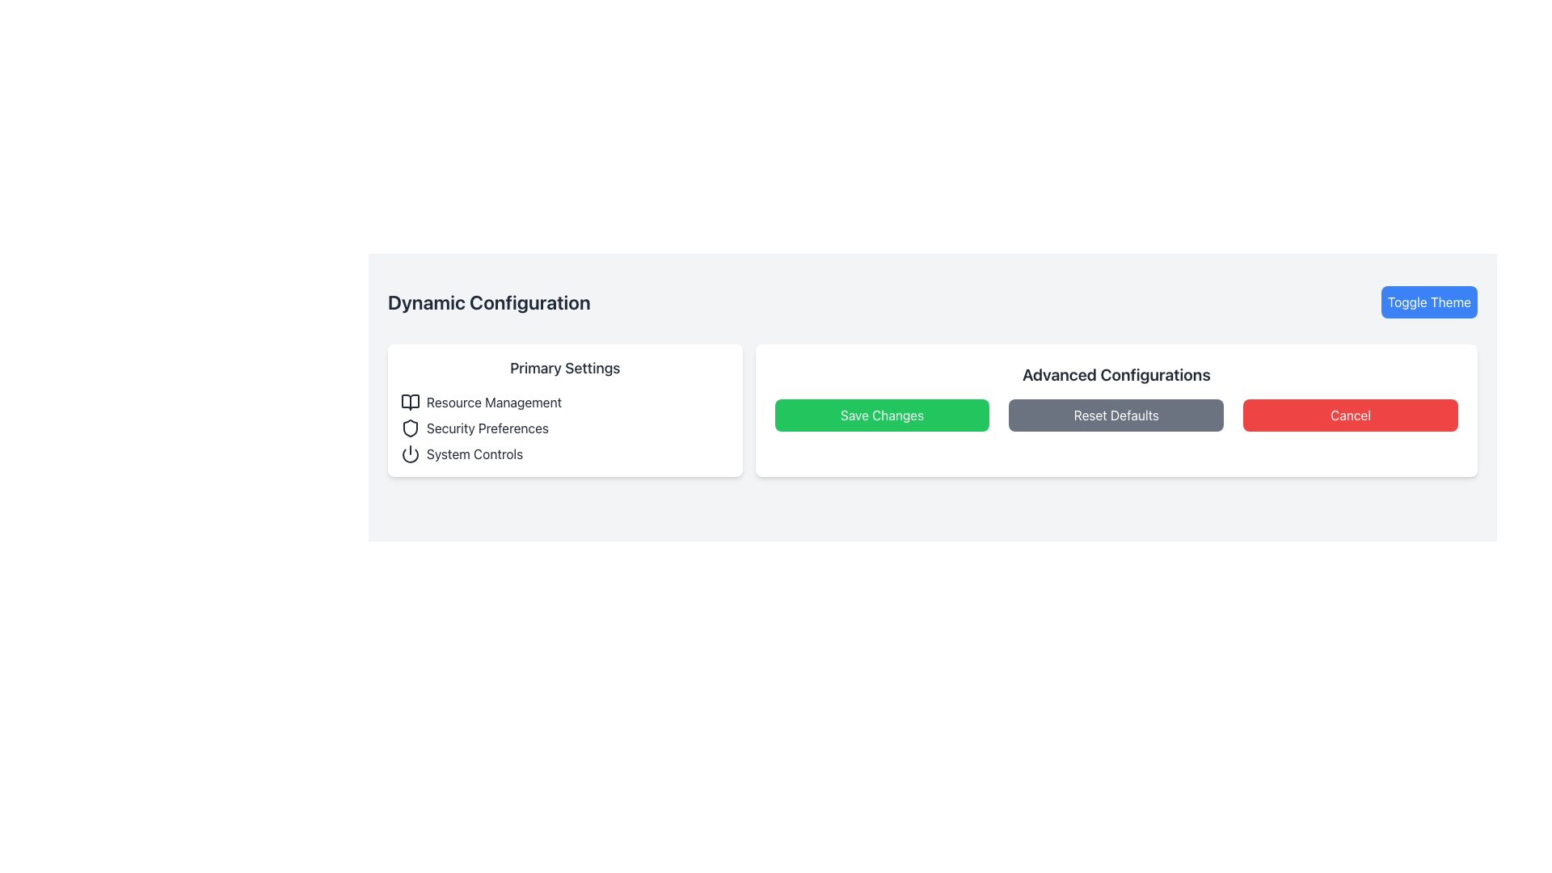 The image size is (1552, 873). Describe the element at coordinates (411, 401) in the screenshot. I see `the 'Resource Management' icon located in the top-left corner of the 'Primary Settings' section` at that location.